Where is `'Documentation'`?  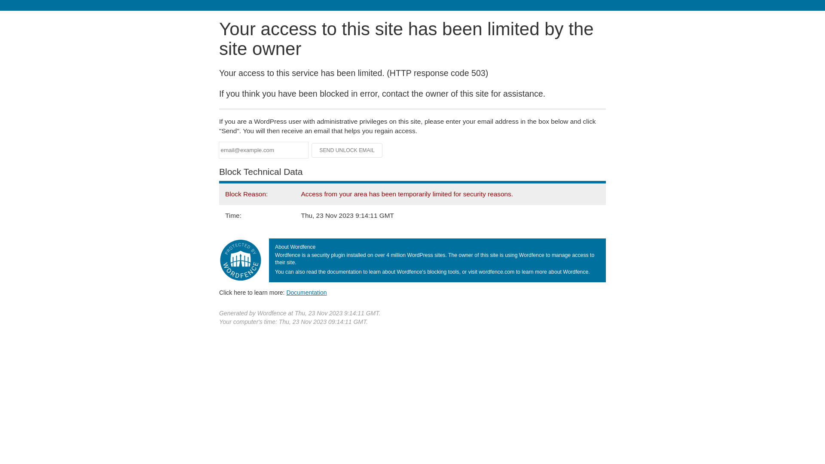 'Documentation' is located at coordinates (306, 292).